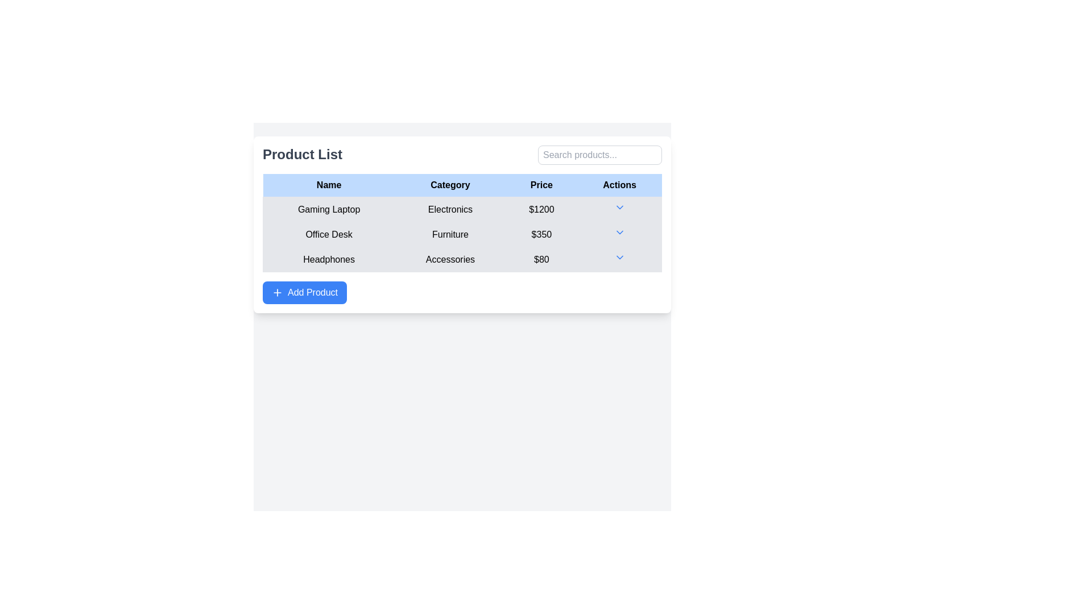 This screenshot has width=1092, height=614. I want to click on the static text displaying the price of the 'Office Desk', located in the third cell of the table under the 'Price' column, so click(541, 234).